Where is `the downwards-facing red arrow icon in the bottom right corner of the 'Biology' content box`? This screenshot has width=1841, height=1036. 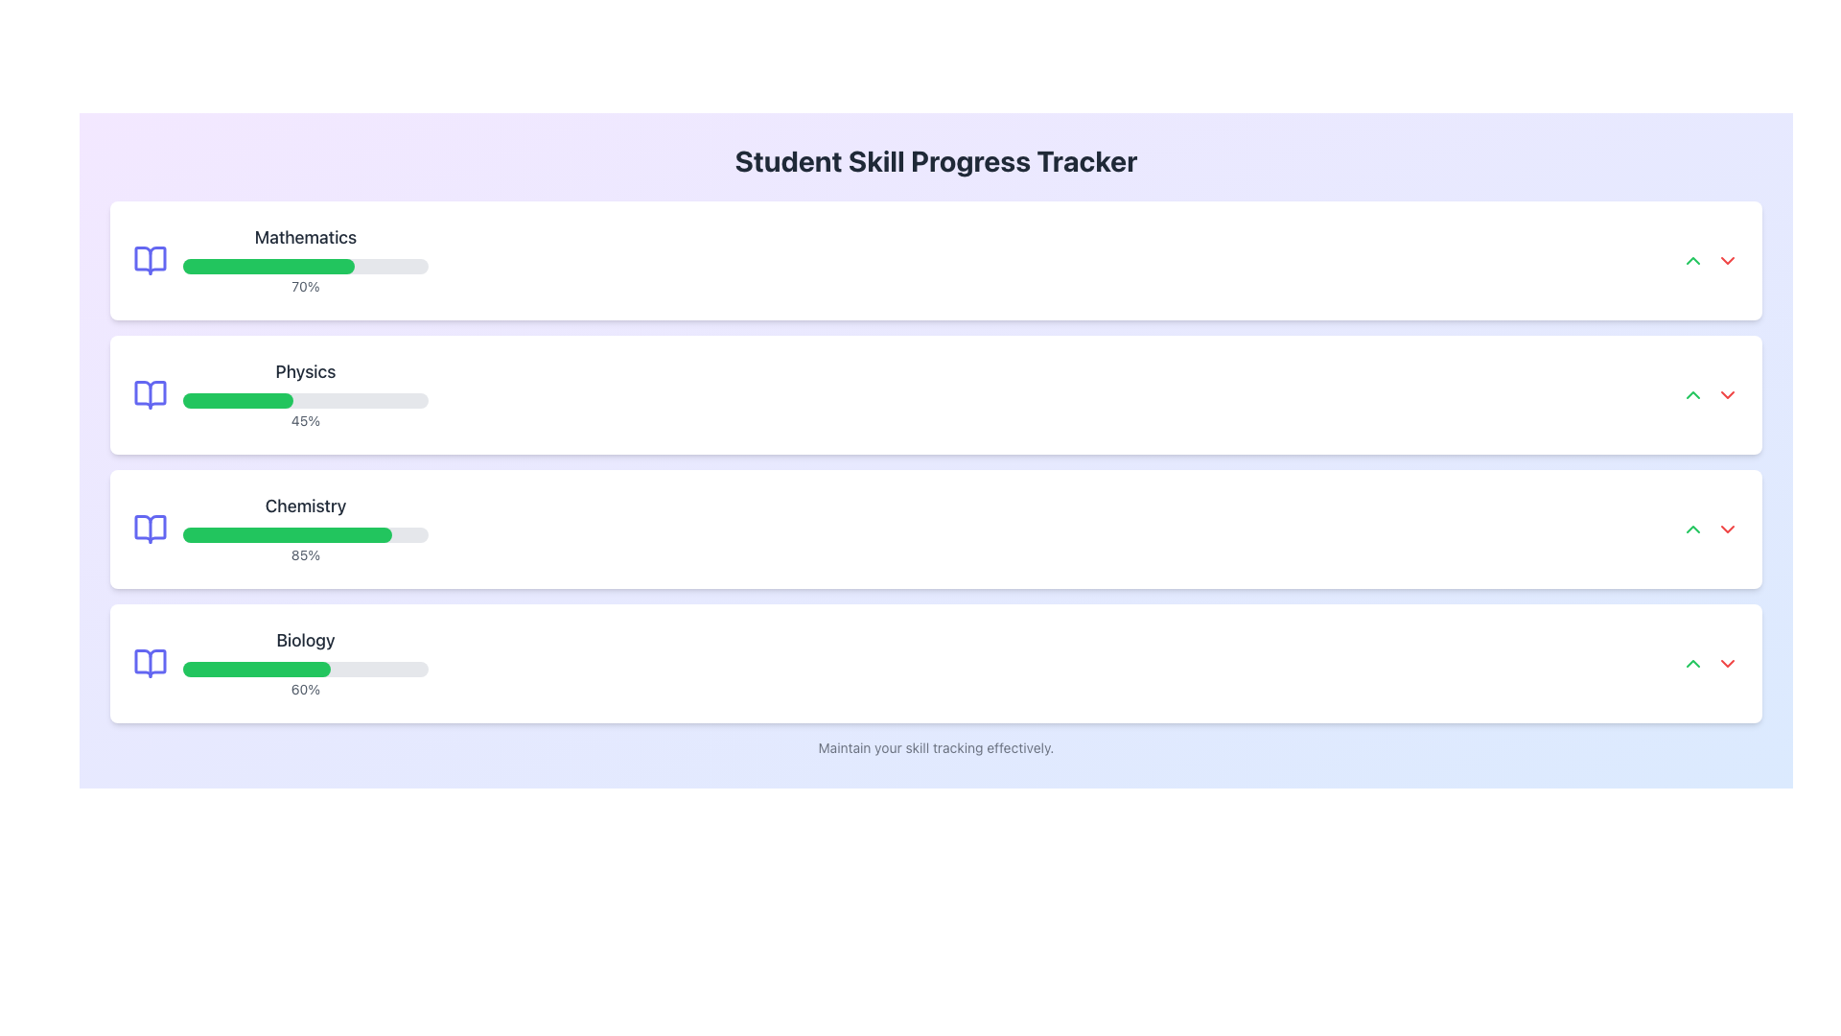
the downwards-facing red arrow icon in the bottom right corner of the 'Biology' content box is located at coordinates (1727, 529).